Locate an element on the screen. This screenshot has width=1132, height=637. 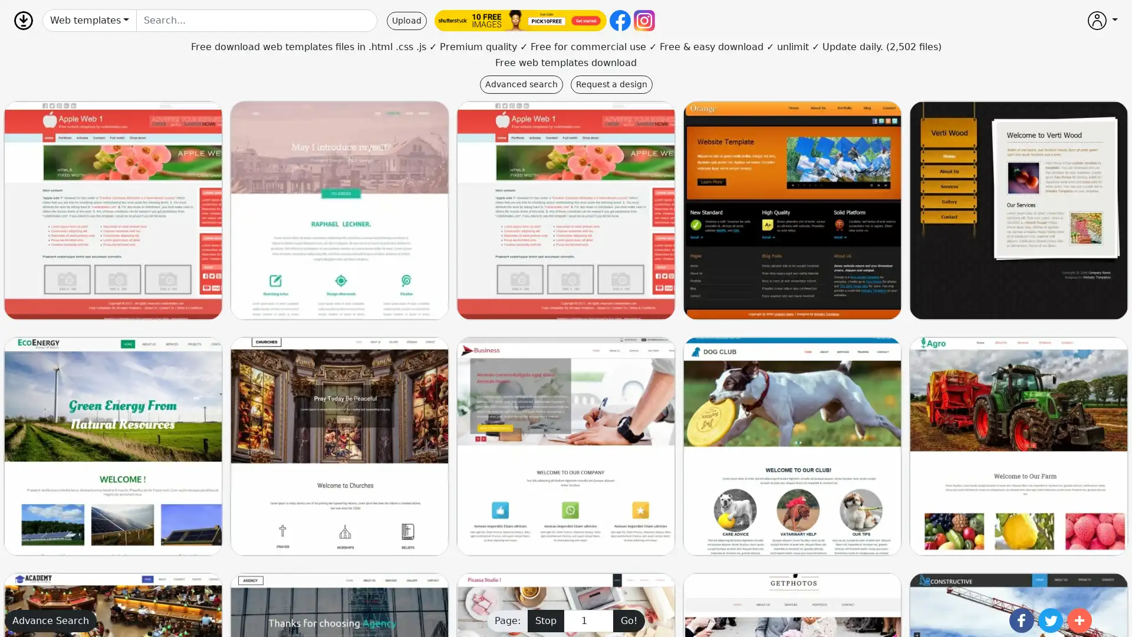
Share to Twitter is located at coordinates (1029, 620).